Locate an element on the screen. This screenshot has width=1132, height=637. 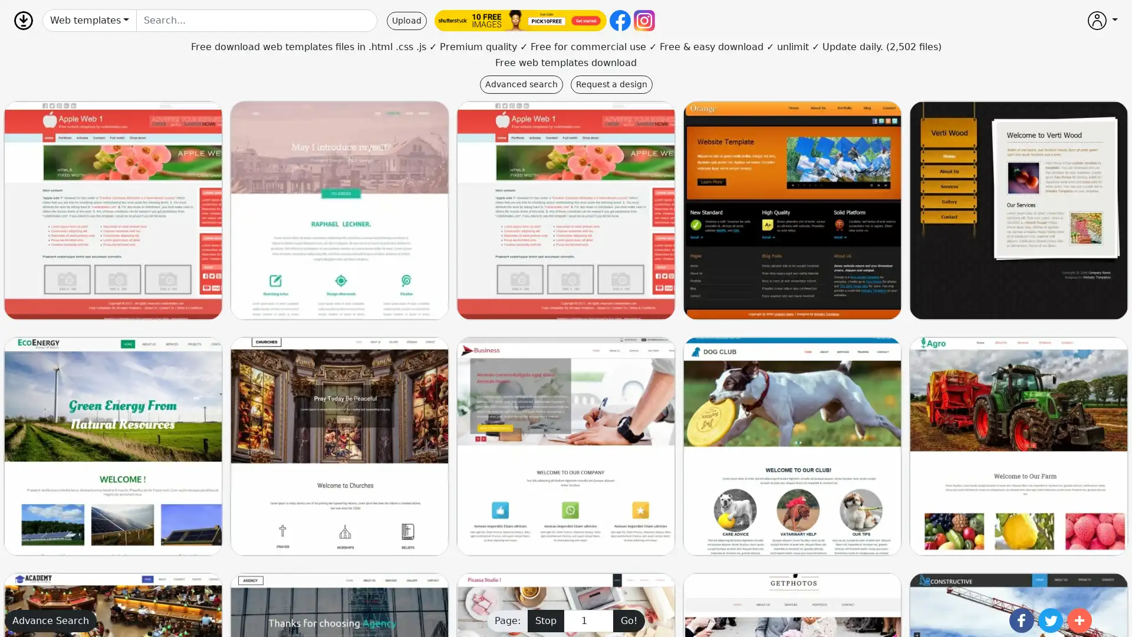
Share to Twitter is located at coordinates (1029, 620).